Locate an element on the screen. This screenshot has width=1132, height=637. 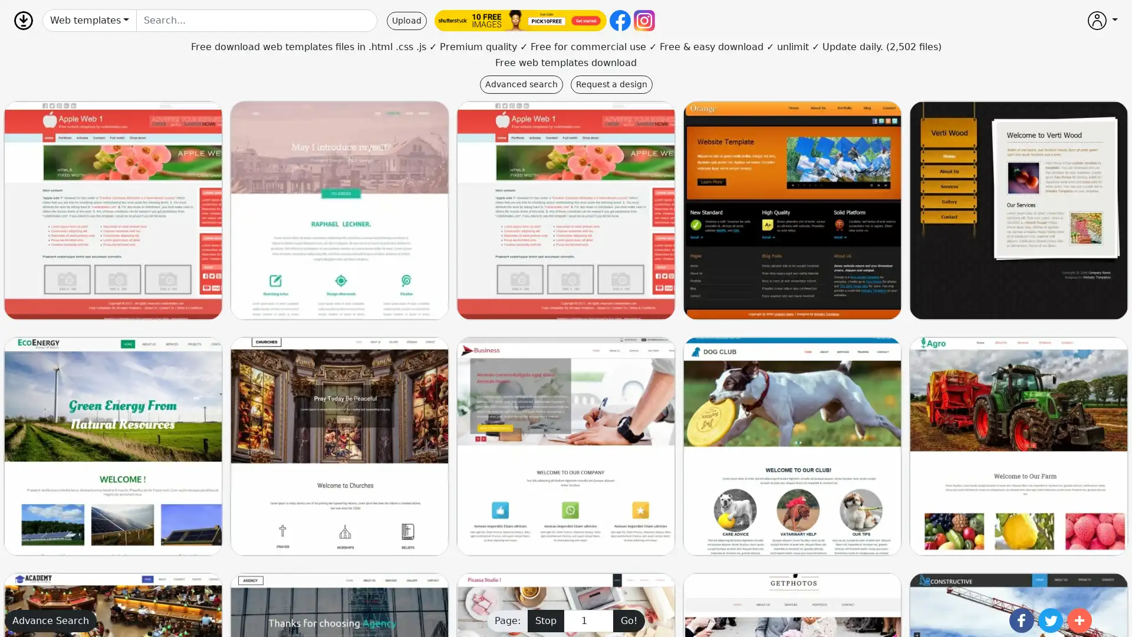
Share to Twitter is located at coordinates (1029, 620).